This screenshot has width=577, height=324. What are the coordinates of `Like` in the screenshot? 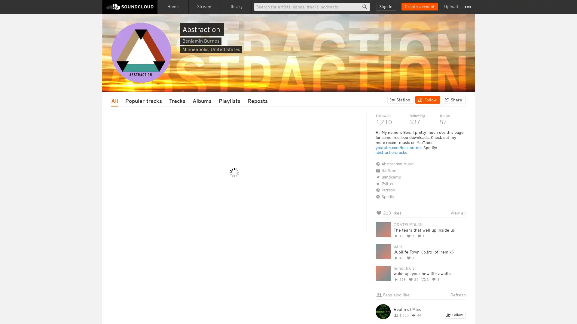 It's located at (170, 301).